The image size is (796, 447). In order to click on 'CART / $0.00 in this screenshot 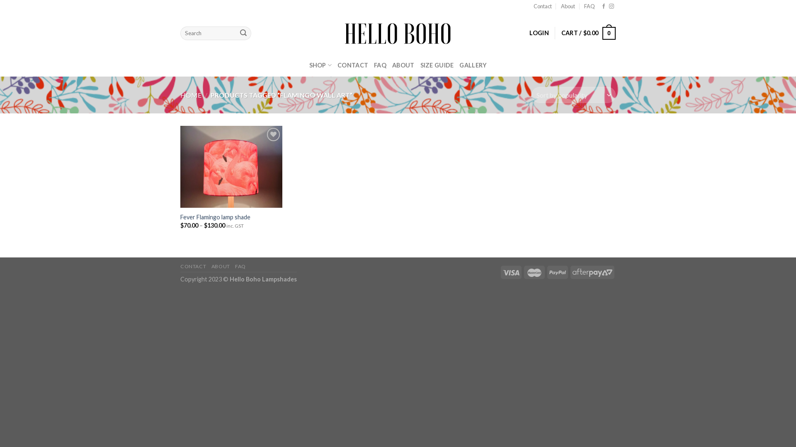, I will do `click(588, 33)`.